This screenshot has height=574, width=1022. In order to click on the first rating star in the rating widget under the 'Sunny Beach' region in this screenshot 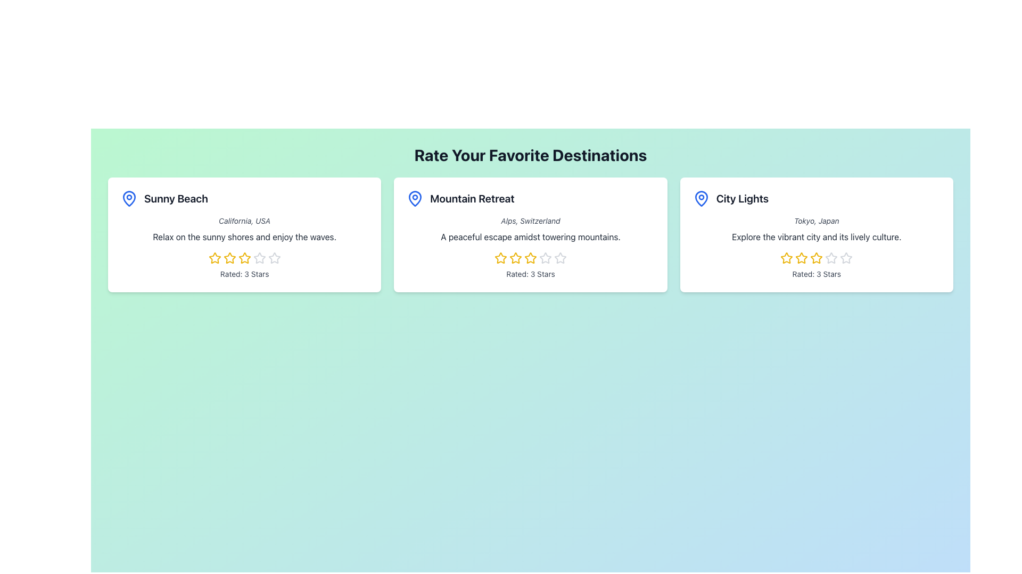, I will do `click(214, 258)`.